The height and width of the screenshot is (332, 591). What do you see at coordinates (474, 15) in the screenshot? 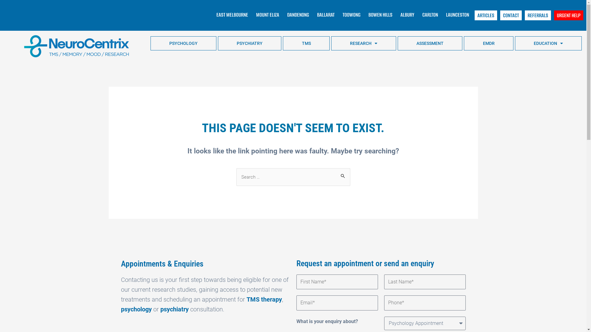
I see `'ARTICLES'` at bounding box center [474, 15].